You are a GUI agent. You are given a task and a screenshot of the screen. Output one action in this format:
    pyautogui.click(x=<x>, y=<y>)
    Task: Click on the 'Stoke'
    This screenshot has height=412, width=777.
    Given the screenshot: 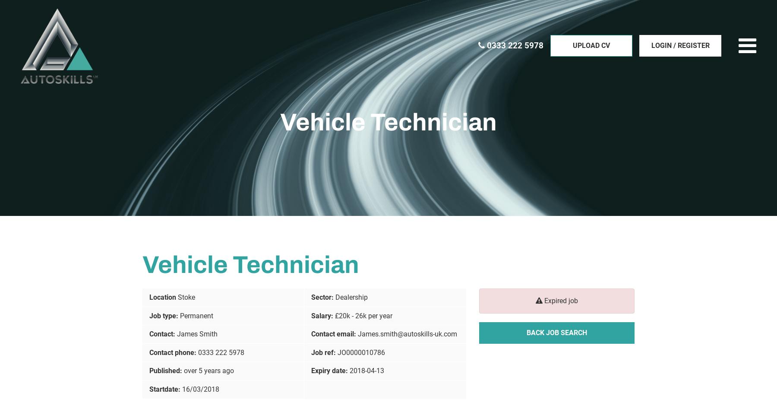 What is the action you would take?
    pyautogui.click(x=186, y=296)
    